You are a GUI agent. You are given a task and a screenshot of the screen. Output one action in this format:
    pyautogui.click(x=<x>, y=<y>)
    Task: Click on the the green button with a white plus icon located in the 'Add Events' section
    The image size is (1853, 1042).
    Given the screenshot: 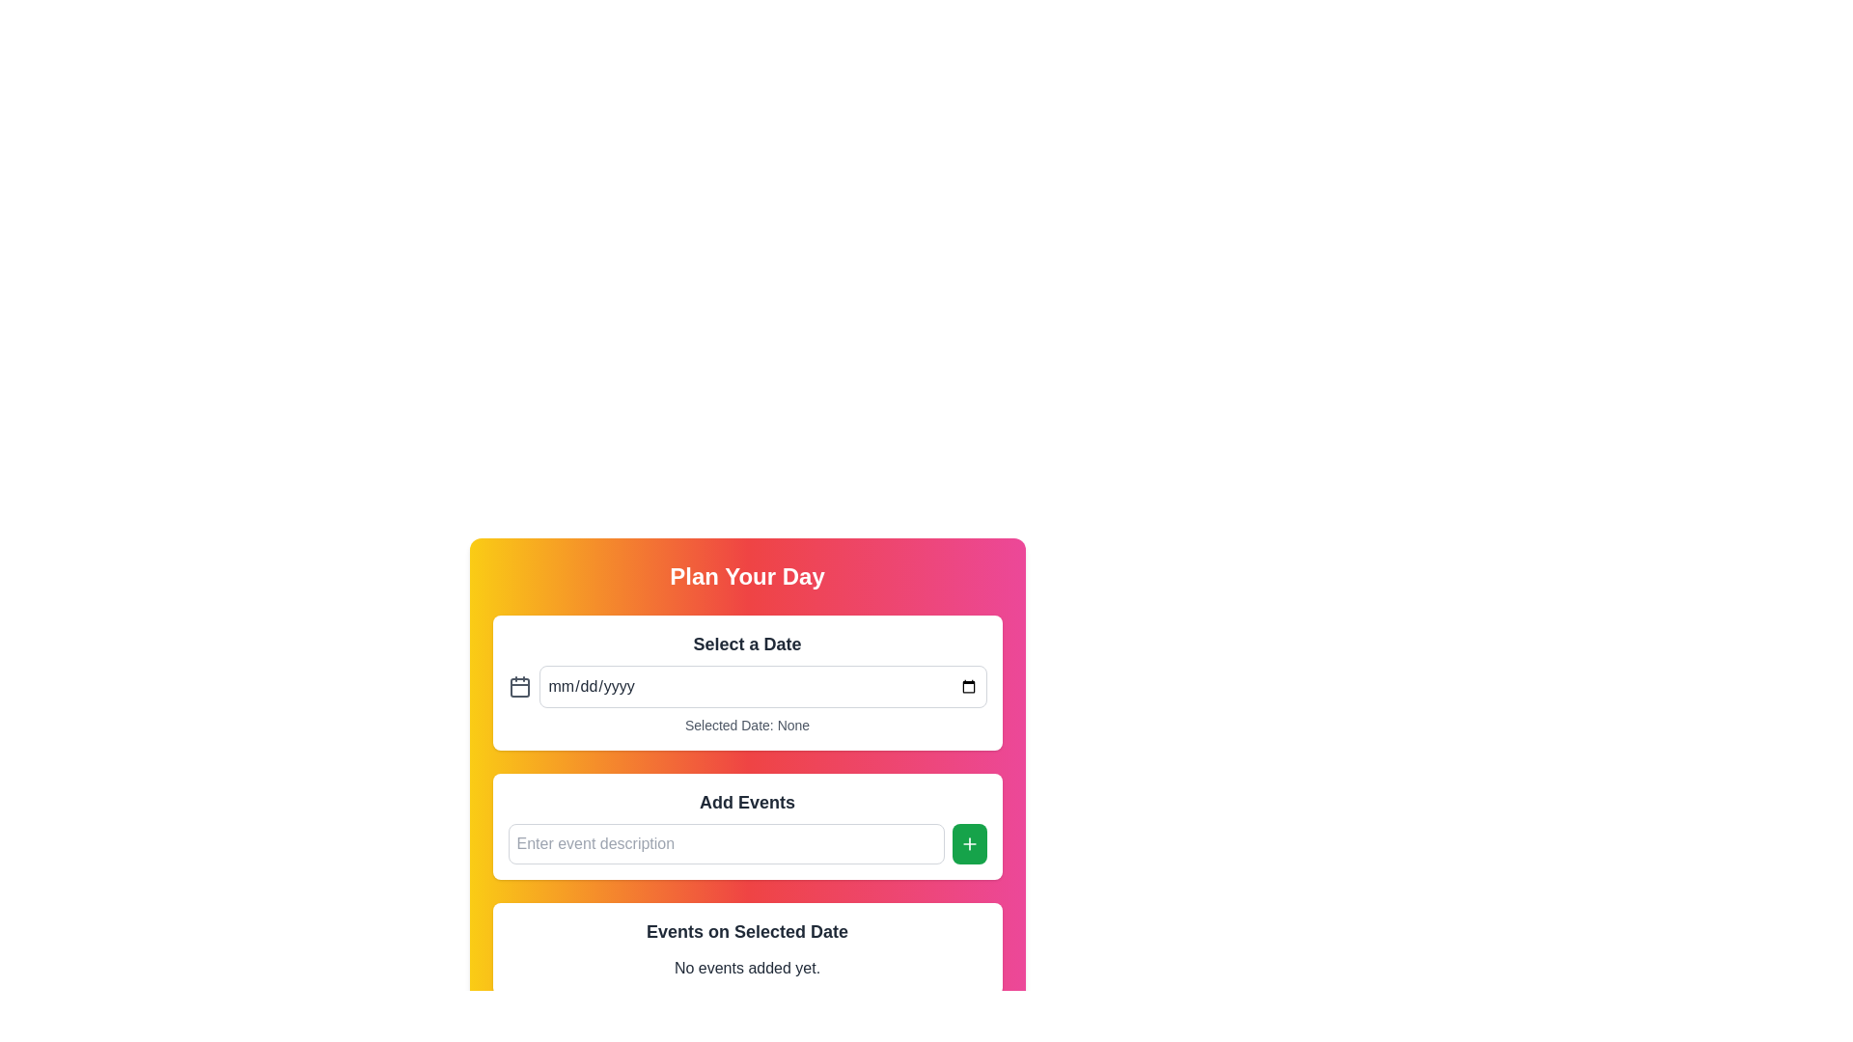 What is the action you would take?
    pyautogui.click(x=969, y=843)
    